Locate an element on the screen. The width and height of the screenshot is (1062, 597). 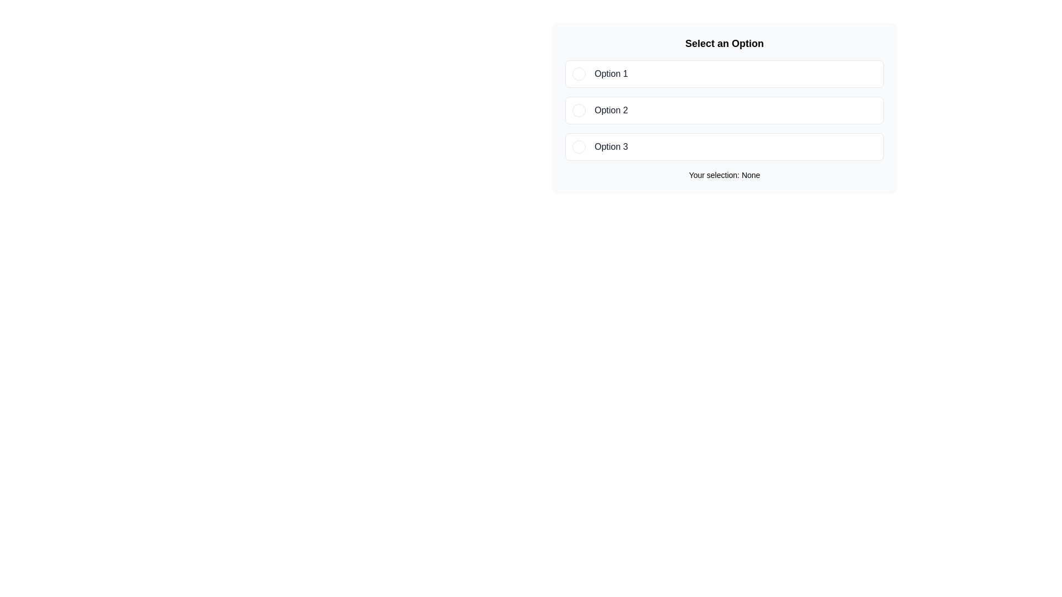
the second selectable item in the 'Select an Option' list is located at coordinates (725, 111).